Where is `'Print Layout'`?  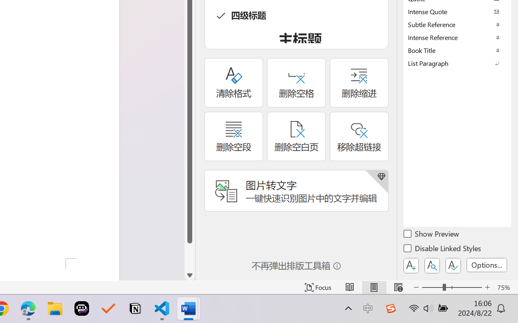
'Print Layout' is located at coordinates (374, 287).